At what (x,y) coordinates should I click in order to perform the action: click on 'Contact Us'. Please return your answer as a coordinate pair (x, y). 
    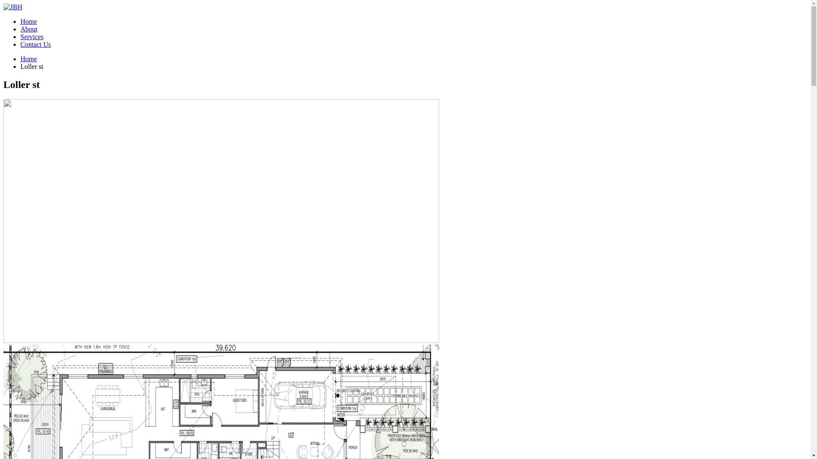
    Looking at the image, I should click on (20, 44).